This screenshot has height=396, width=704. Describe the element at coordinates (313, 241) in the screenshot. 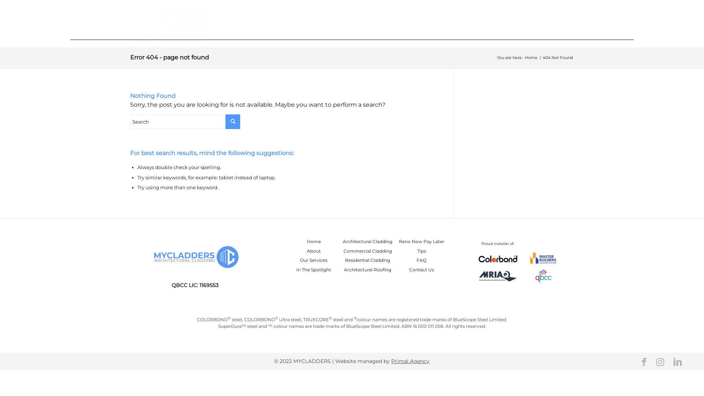

I see `'Home'` at that location.